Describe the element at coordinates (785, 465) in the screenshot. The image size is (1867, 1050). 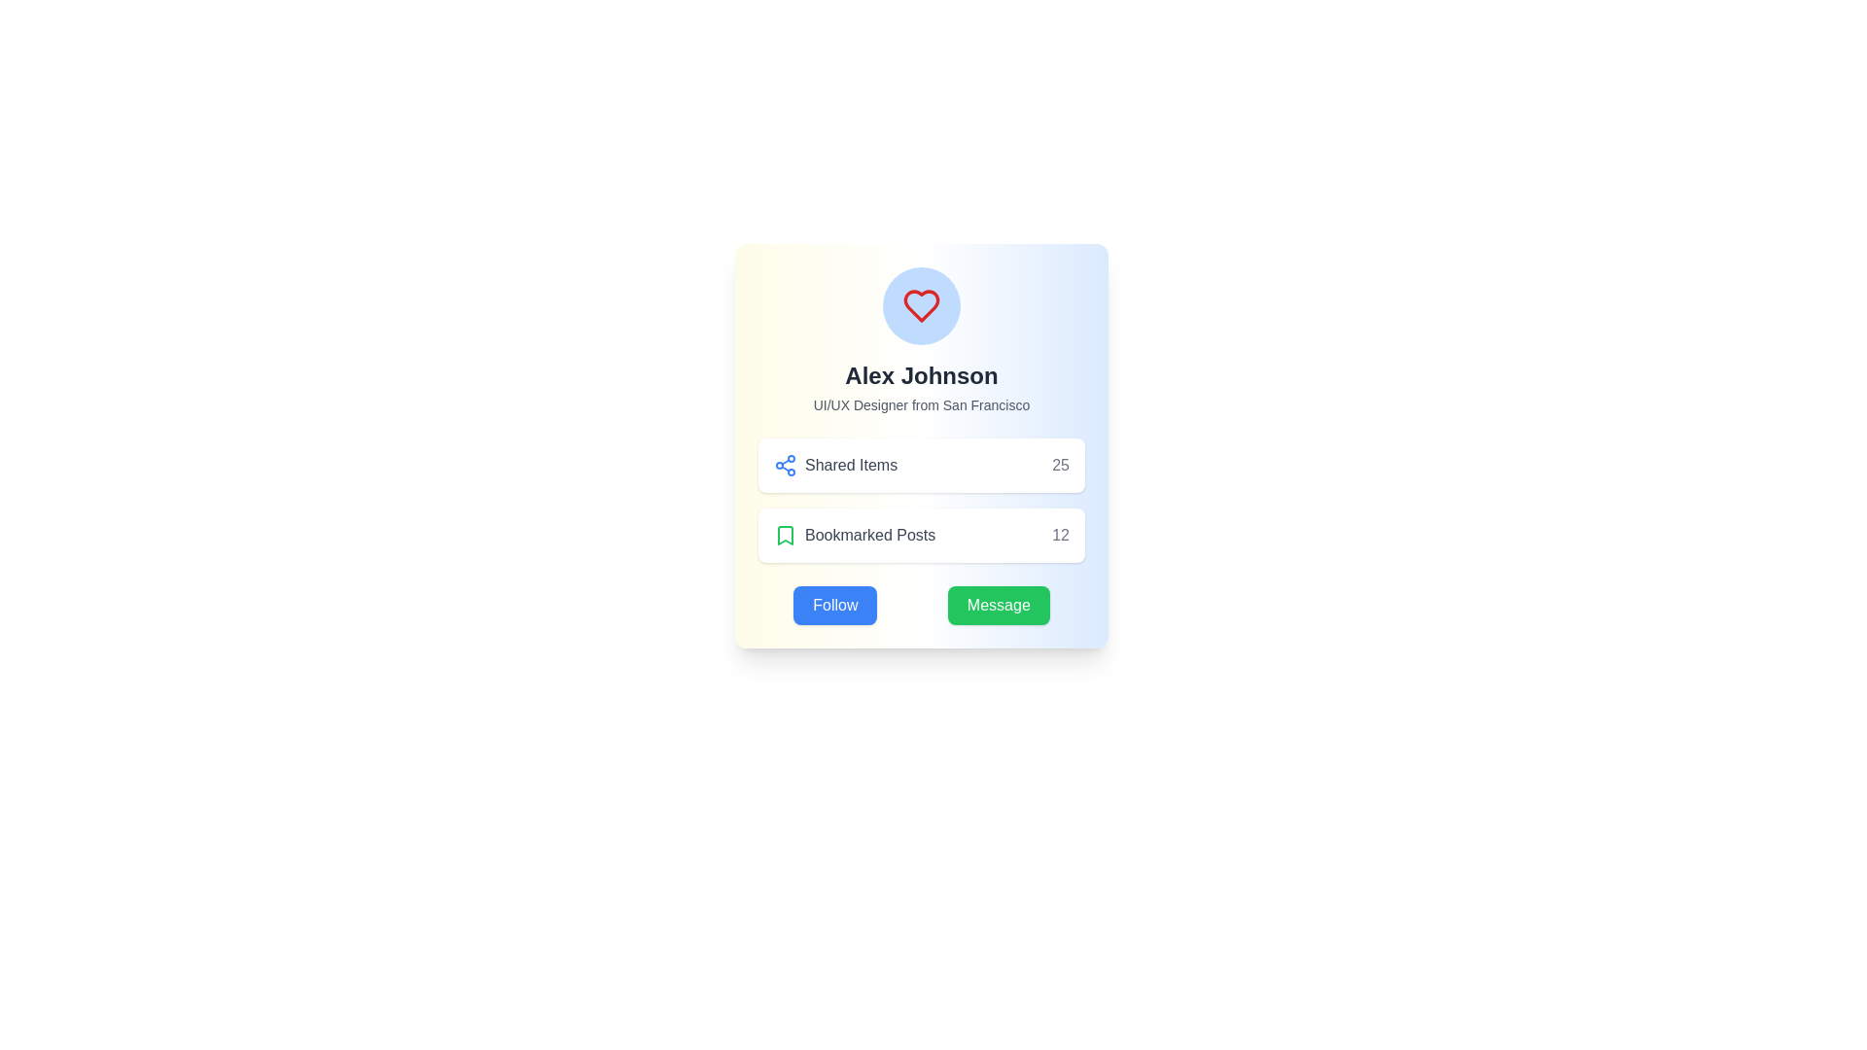
I see `the icon representing shared items, located to the left of the 'Shared Items' text within the card interface` at that location.